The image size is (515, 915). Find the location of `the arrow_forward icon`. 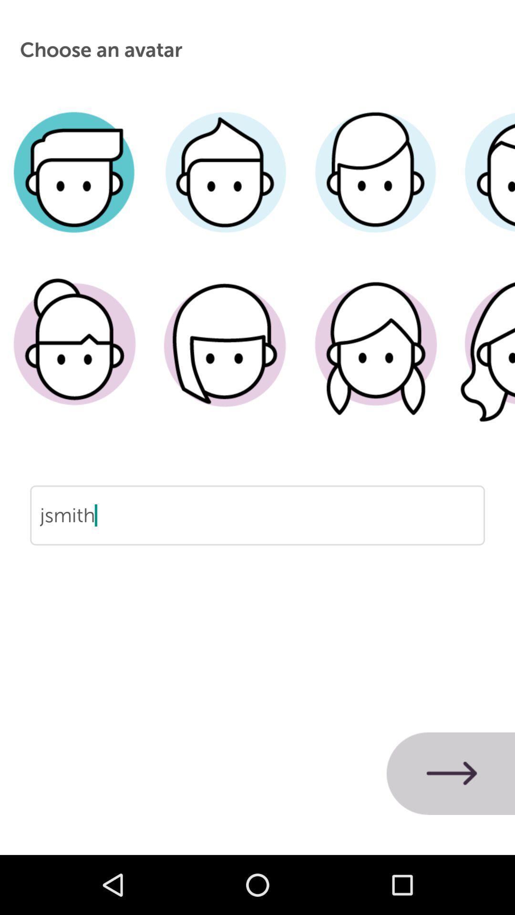

the arrow_forward icon is located at coordinates (451, 773).